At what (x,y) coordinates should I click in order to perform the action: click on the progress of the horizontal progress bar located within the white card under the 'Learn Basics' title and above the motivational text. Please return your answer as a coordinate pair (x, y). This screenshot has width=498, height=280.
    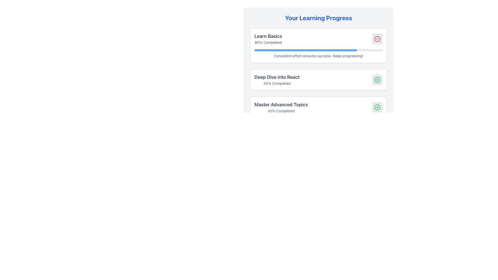
    Looking at the image, I should click on (318, 50).